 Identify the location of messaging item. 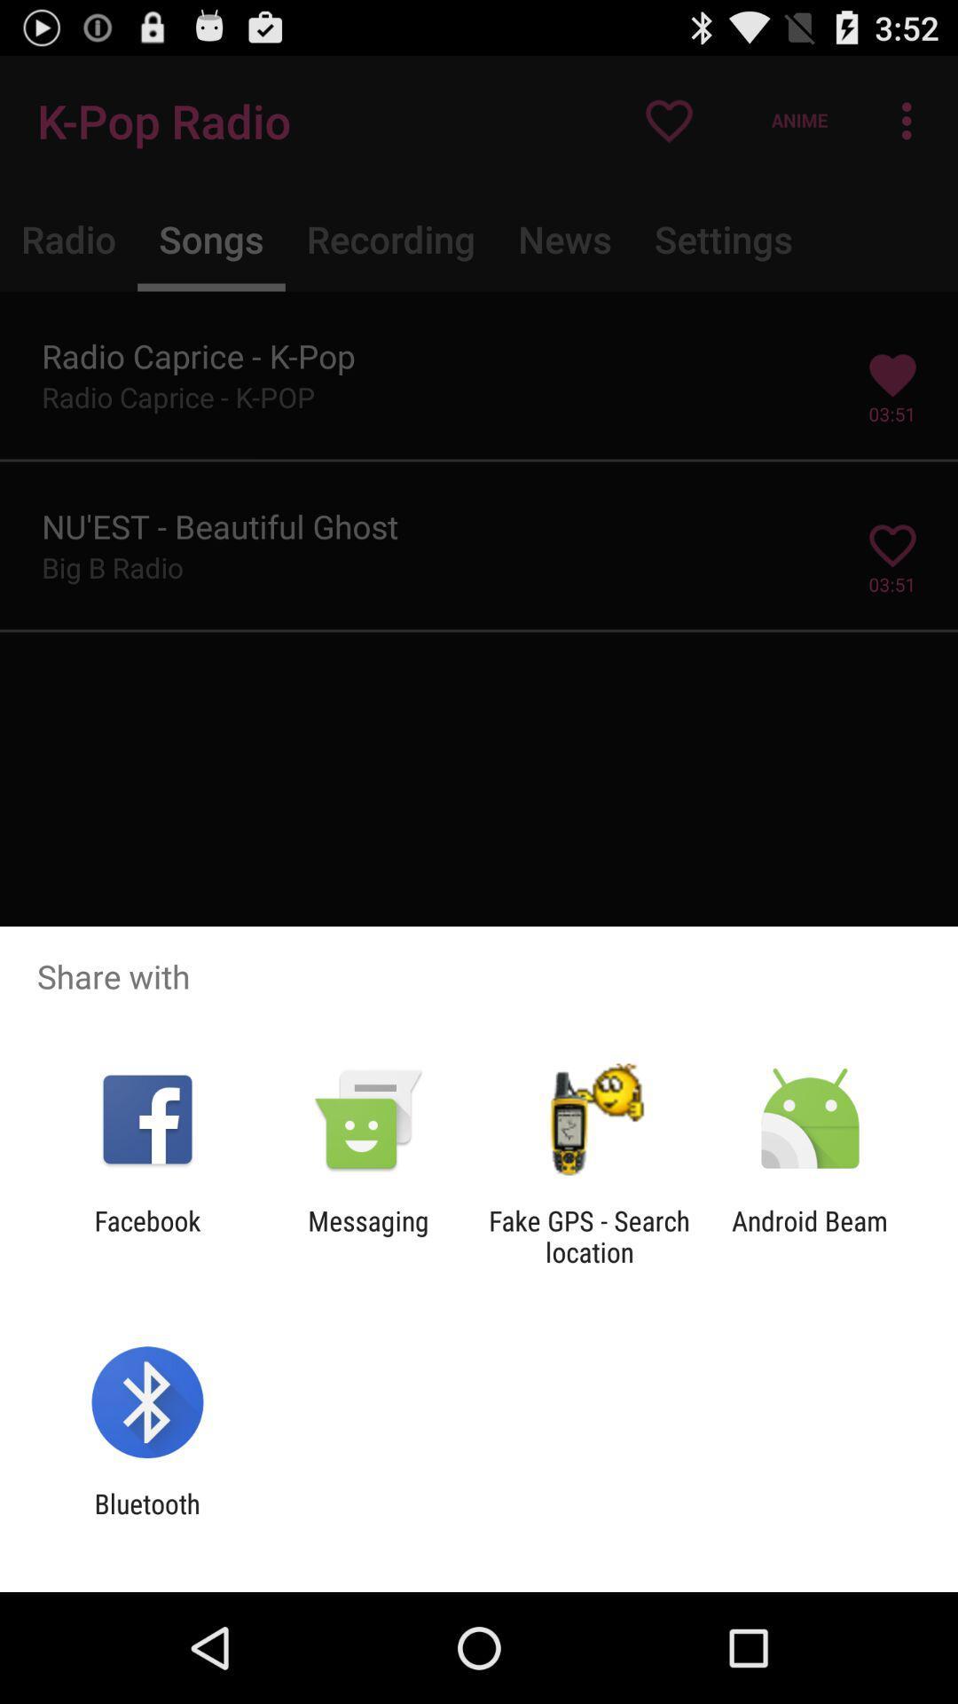
(367, 1235).